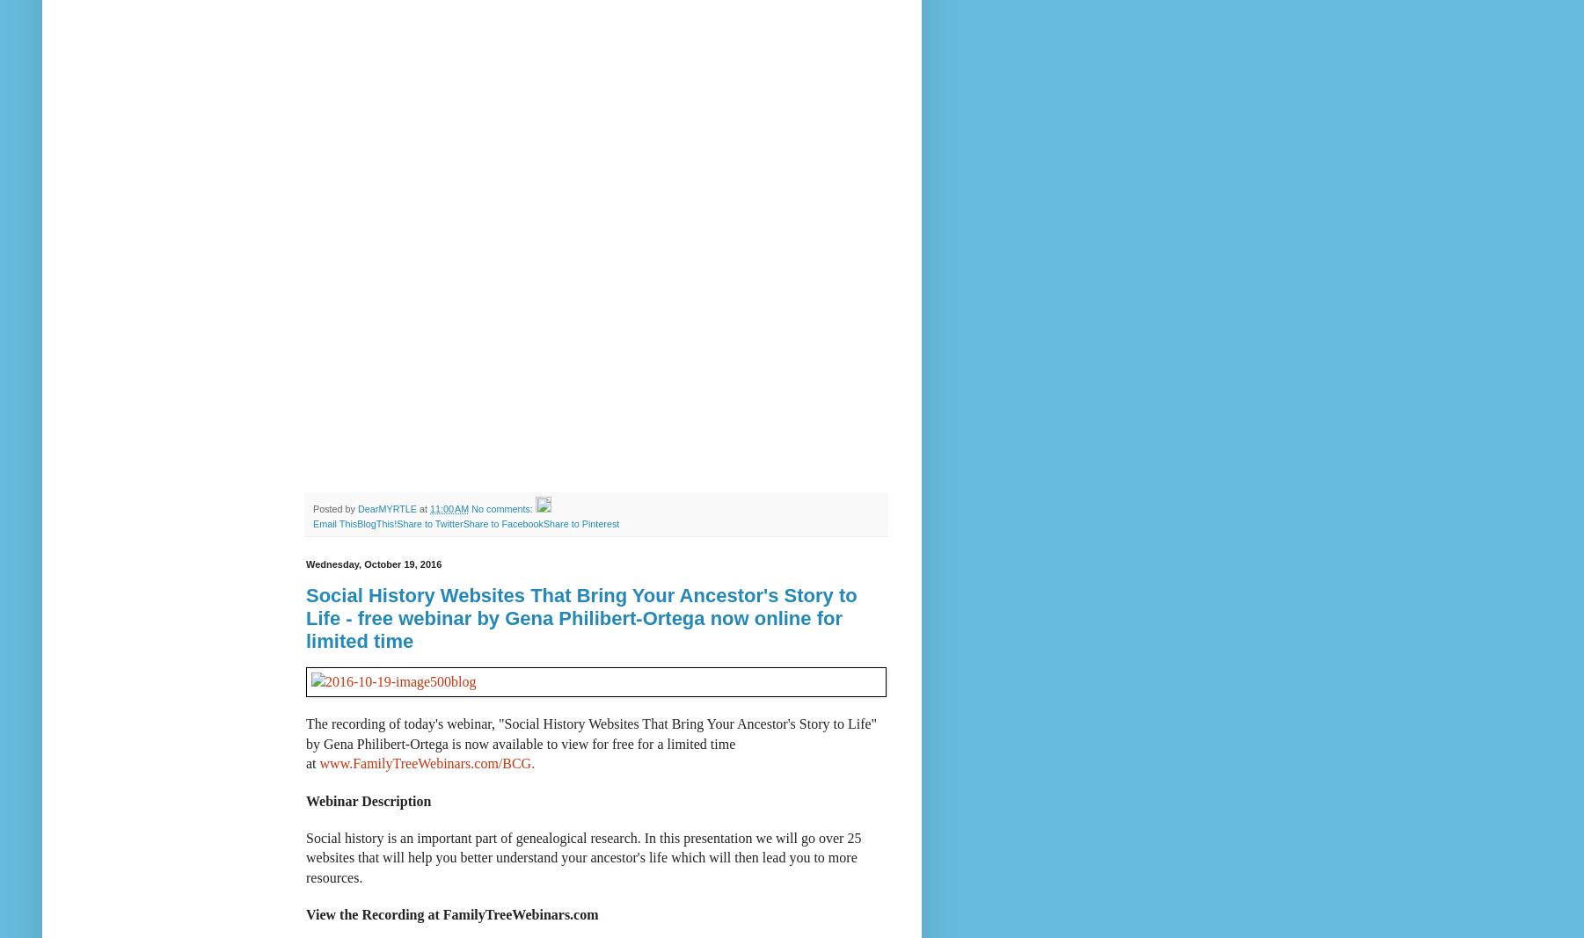 The width and height of the screenshot is (1584, 938). I want to click on 'Social history is an important part of genealogical research. In this presentation we will go over 25 websites that will help you better understand your ancestor's life which will then lead you to more resources.', so click(582, 857).